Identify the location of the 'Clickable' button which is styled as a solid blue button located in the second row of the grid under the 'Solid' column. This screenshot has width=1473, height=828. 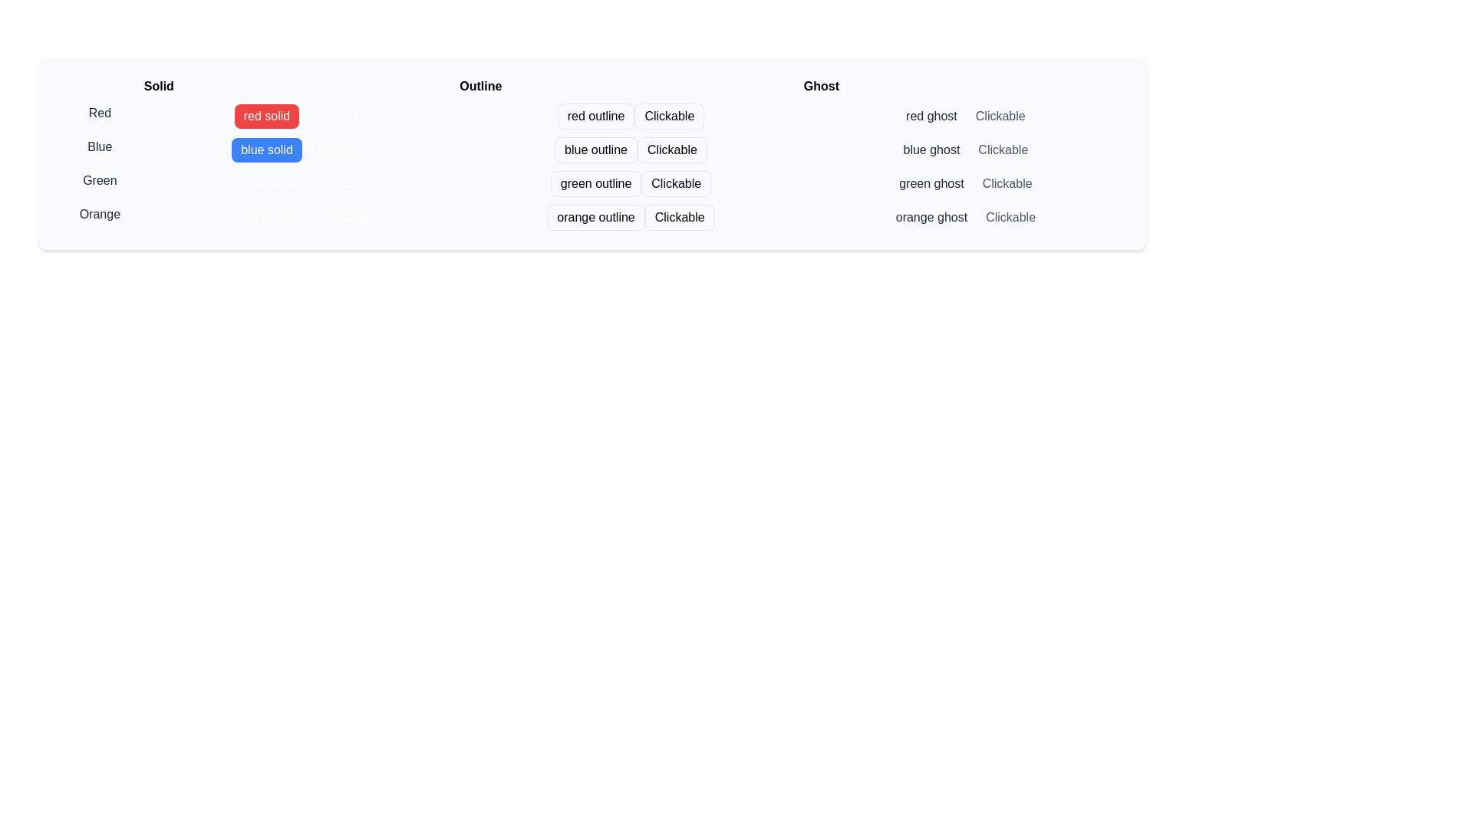
(301, 147).